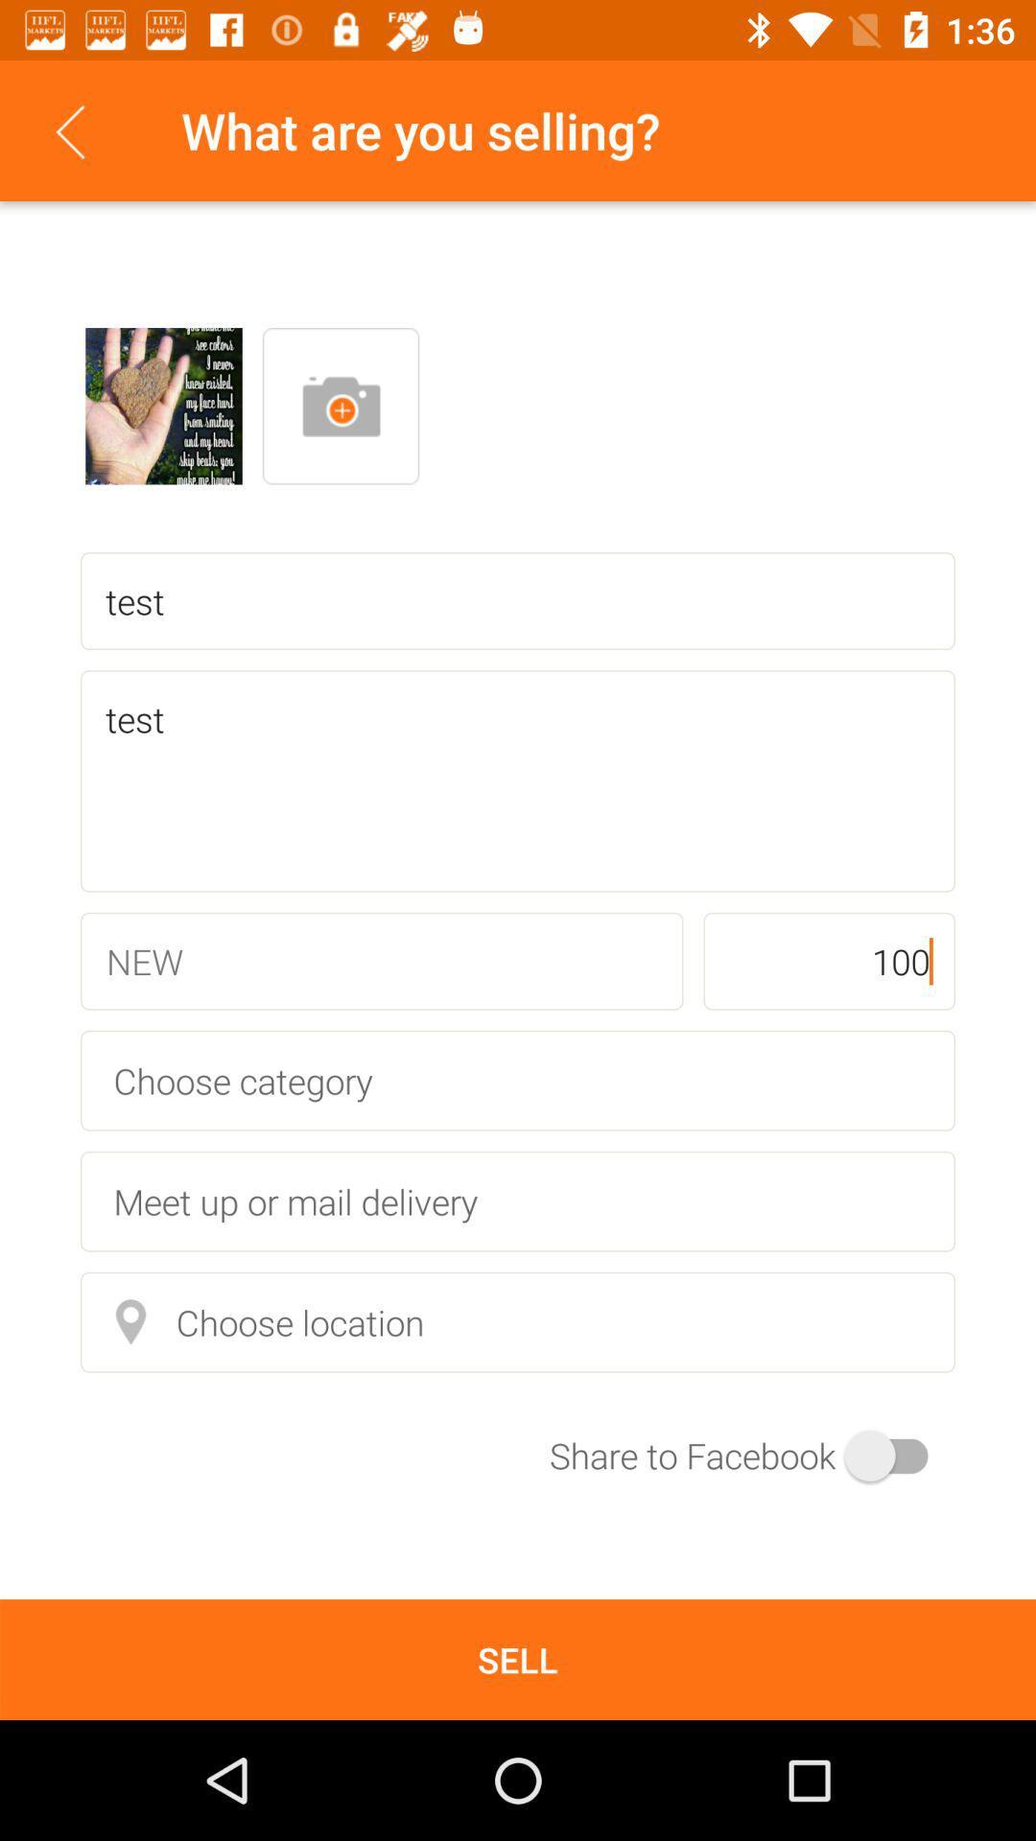 This screenshot has height=1841, width=1036. What do you see at coordinates (751, 1456) in the screenshot?
I see `the icon at the bottom right corner` at bounding box center [751, 1456].